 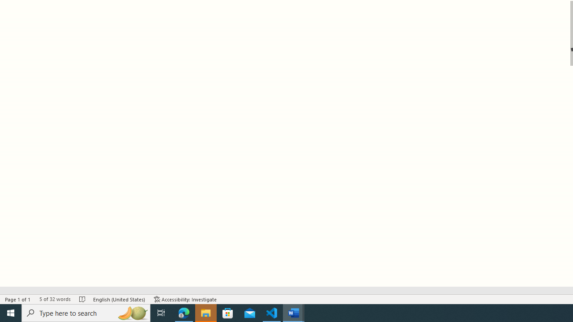 I want to click on 'Page Number Page 1 of 1', so click(x=18, y=299).